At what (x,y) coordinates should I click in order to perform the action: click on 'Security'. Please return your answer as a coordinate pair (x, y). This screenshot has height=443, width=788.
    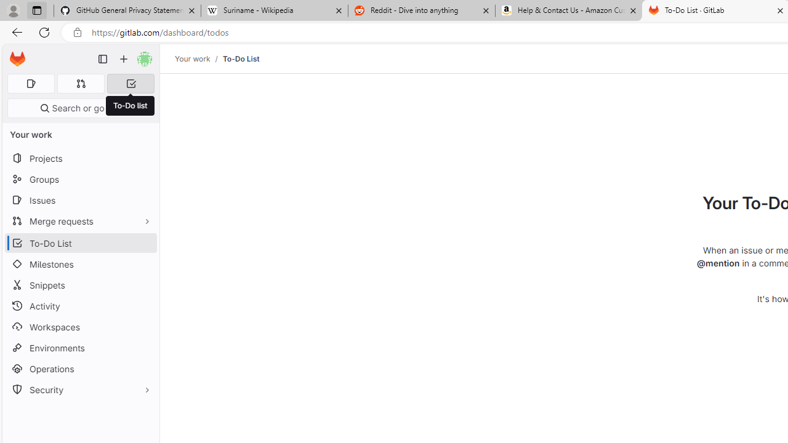
    Looking at the image, I should click on (80, 389).